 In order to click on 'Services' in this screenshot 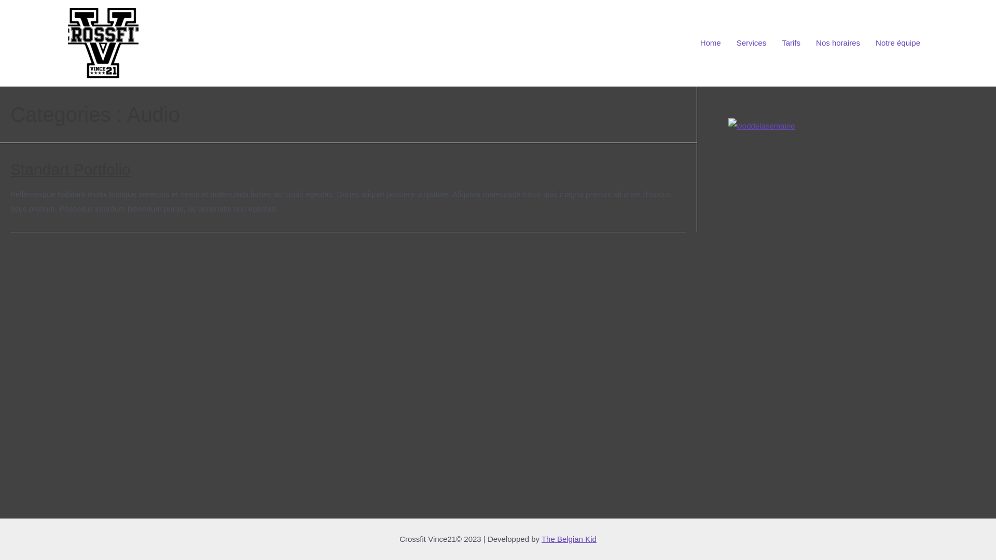, I will do `click(752, 43)`.